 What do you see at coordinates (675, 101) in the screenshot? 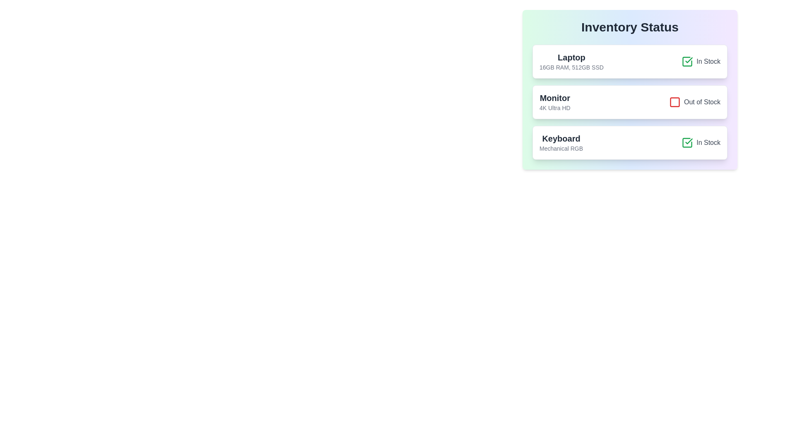
I see `small square-shaped SVG icon with a red border located between the text 'Monitor' and the status label 'Out of Stock' for debugging purposes` at bounding box center [675, 101].